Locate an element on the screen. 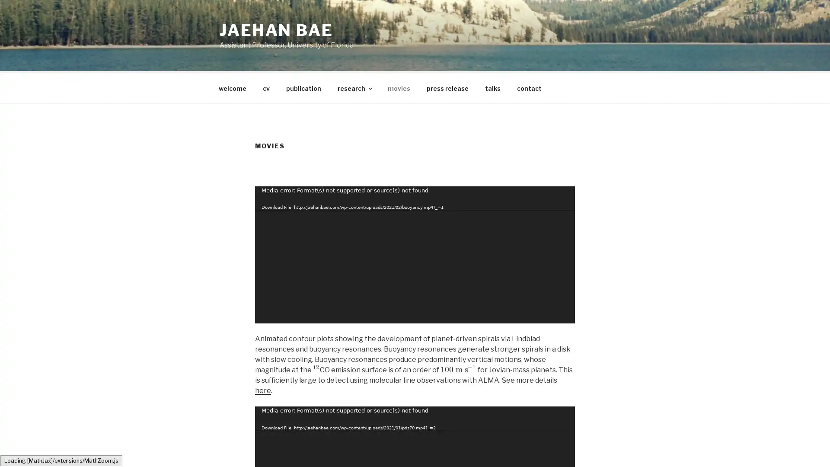  Play is located at coordinates (265, 313).